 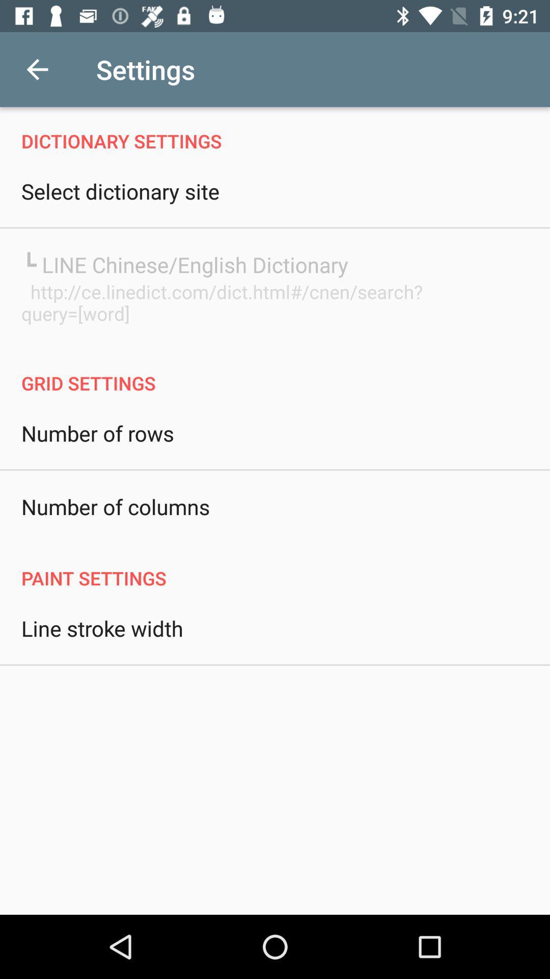 What do you see at coordinates (275, 372) in the screenshot?
I see `the icon above the number of rows icon` at bounding box center [275, 372].